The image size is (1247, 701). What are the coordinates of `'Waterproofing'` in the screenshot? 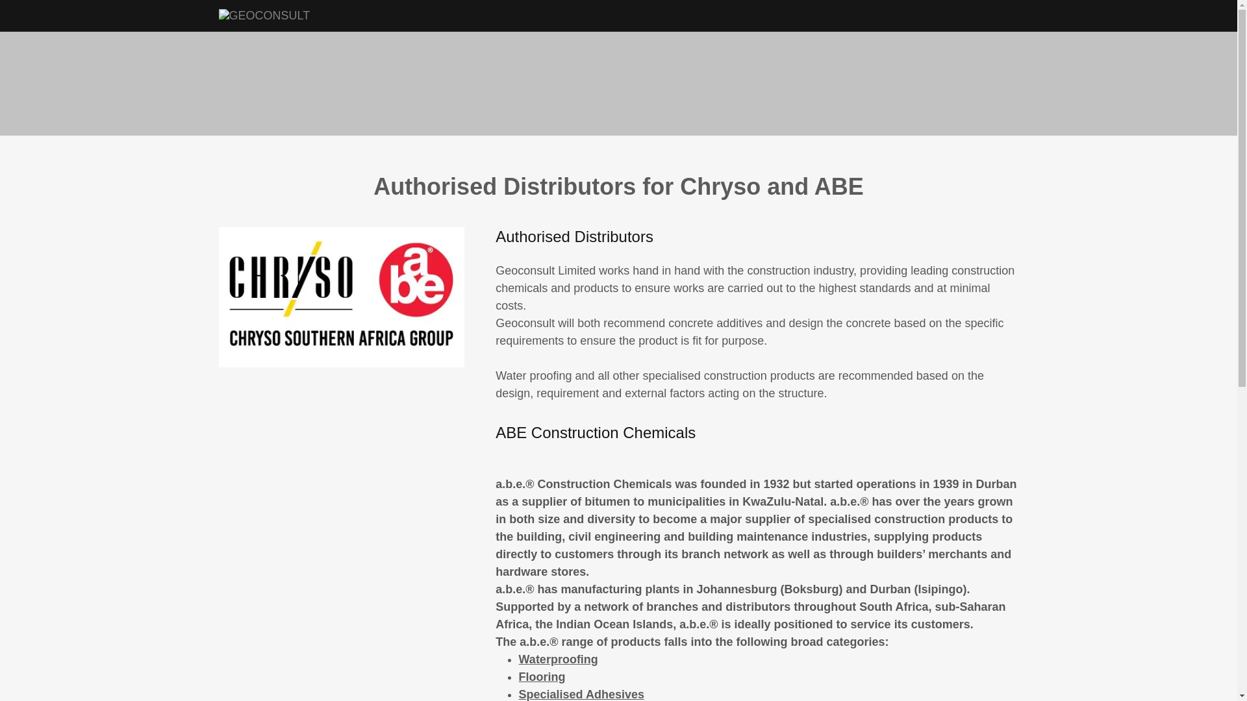 It's located at (558, 659).